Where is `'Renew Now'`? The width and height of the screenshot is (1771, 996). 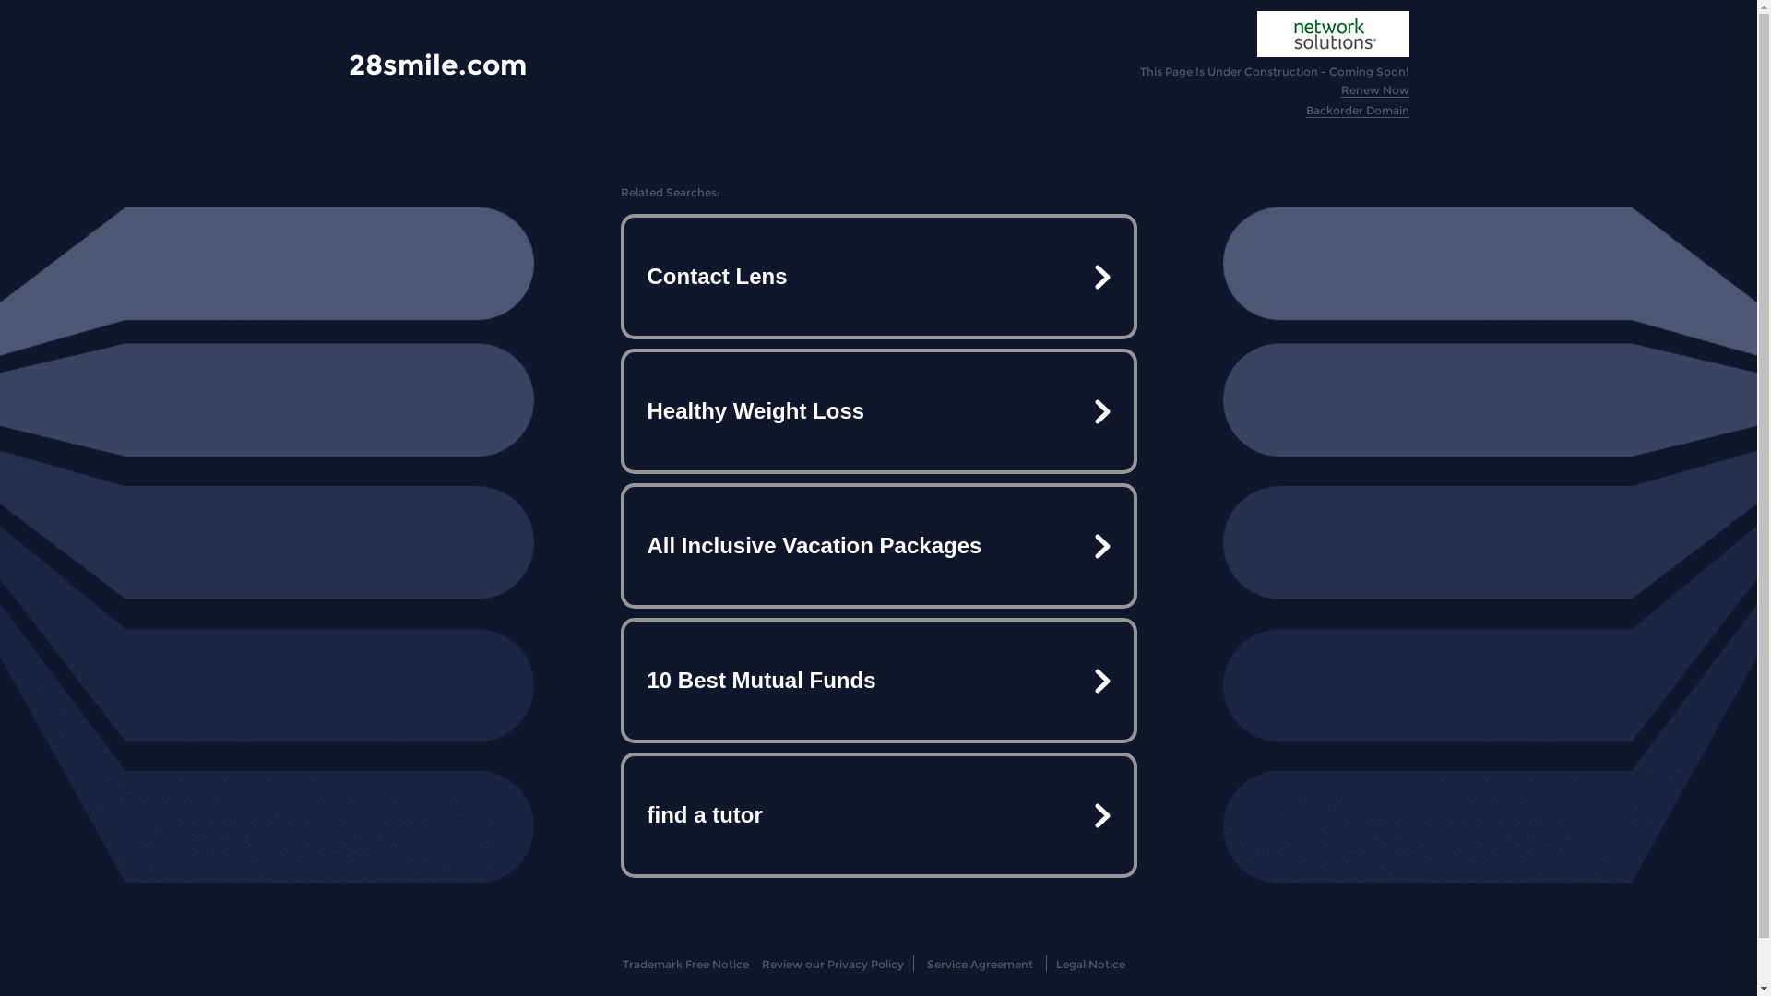 'Renew Now' is located at coordinates (1375, 89).